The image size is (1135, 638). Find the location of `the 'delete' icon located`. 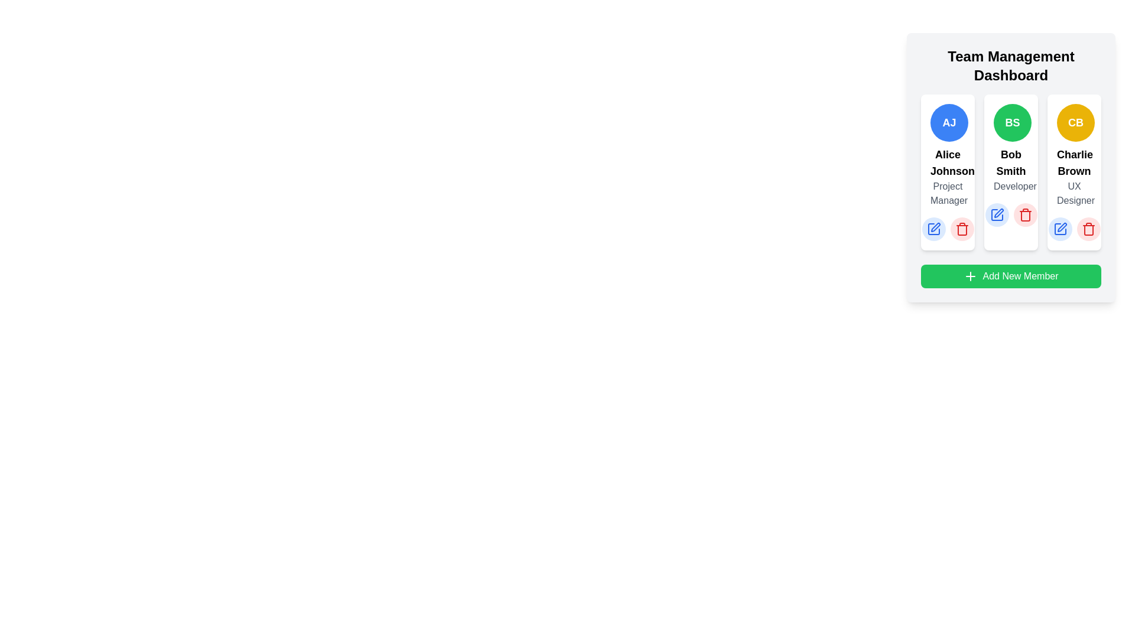

the 'delete' icon located is located at coordinates (962, 229).